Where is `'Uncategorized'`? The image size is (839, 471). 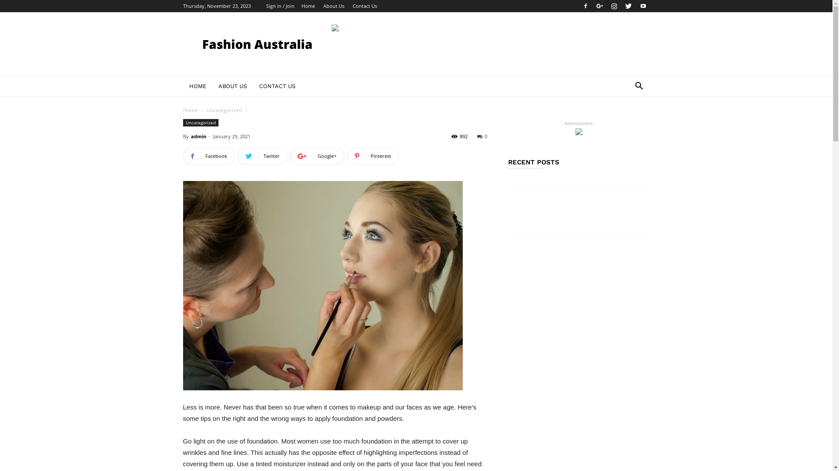
'Uncategorized' is located at coordinates (224, 109).